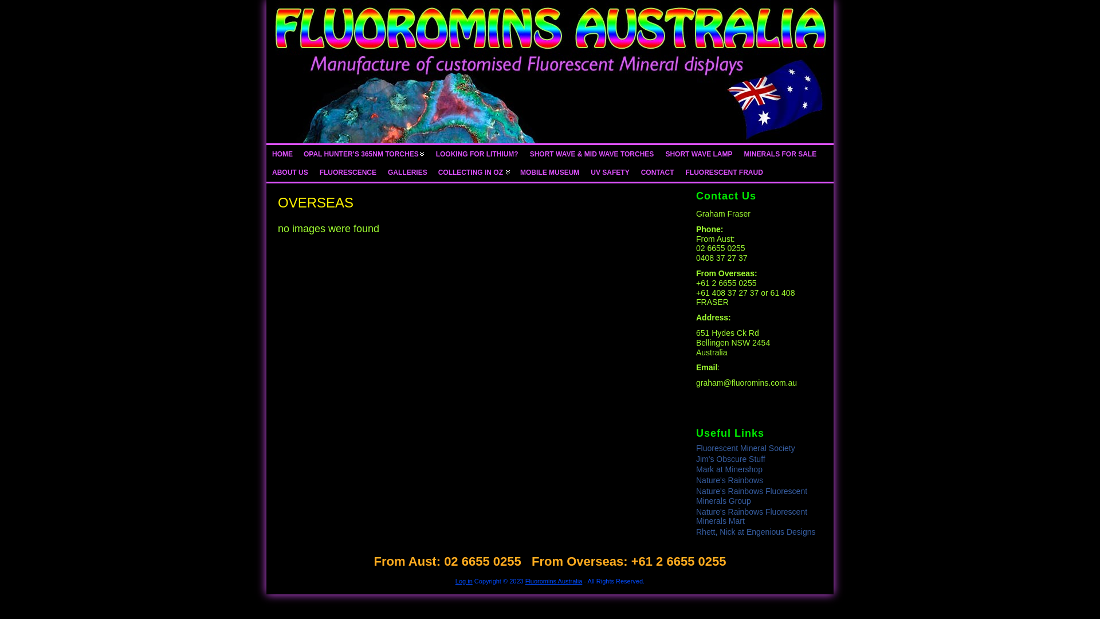  What do you see at coordinates (728, 469) in the screenshot?
I see `'Mark at Minershop'` at bounding box center [728, 469].